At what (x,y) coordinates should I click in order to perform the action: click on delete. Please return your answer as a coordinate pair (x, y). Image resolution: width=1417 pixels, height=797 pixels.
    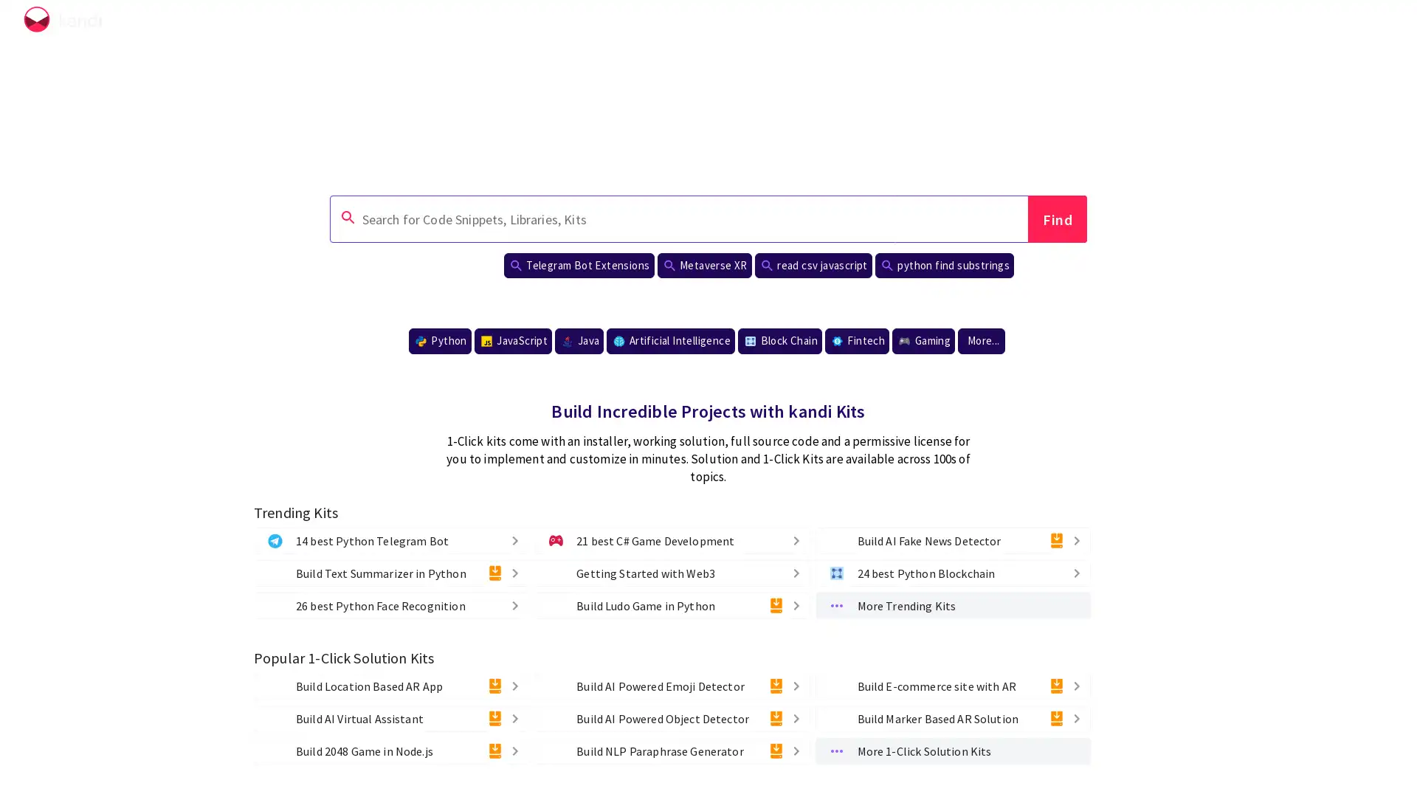
    Looking at the image, I should click on (795, 605).